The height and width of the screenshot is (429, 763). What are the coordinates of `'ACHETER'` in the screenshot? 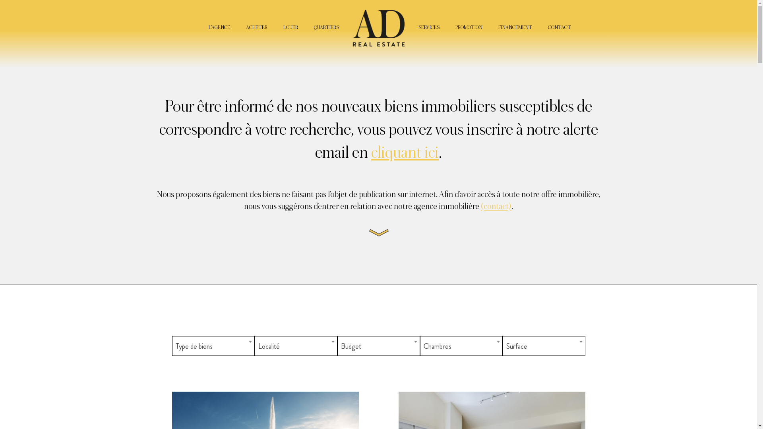 It's located at (256, 27).